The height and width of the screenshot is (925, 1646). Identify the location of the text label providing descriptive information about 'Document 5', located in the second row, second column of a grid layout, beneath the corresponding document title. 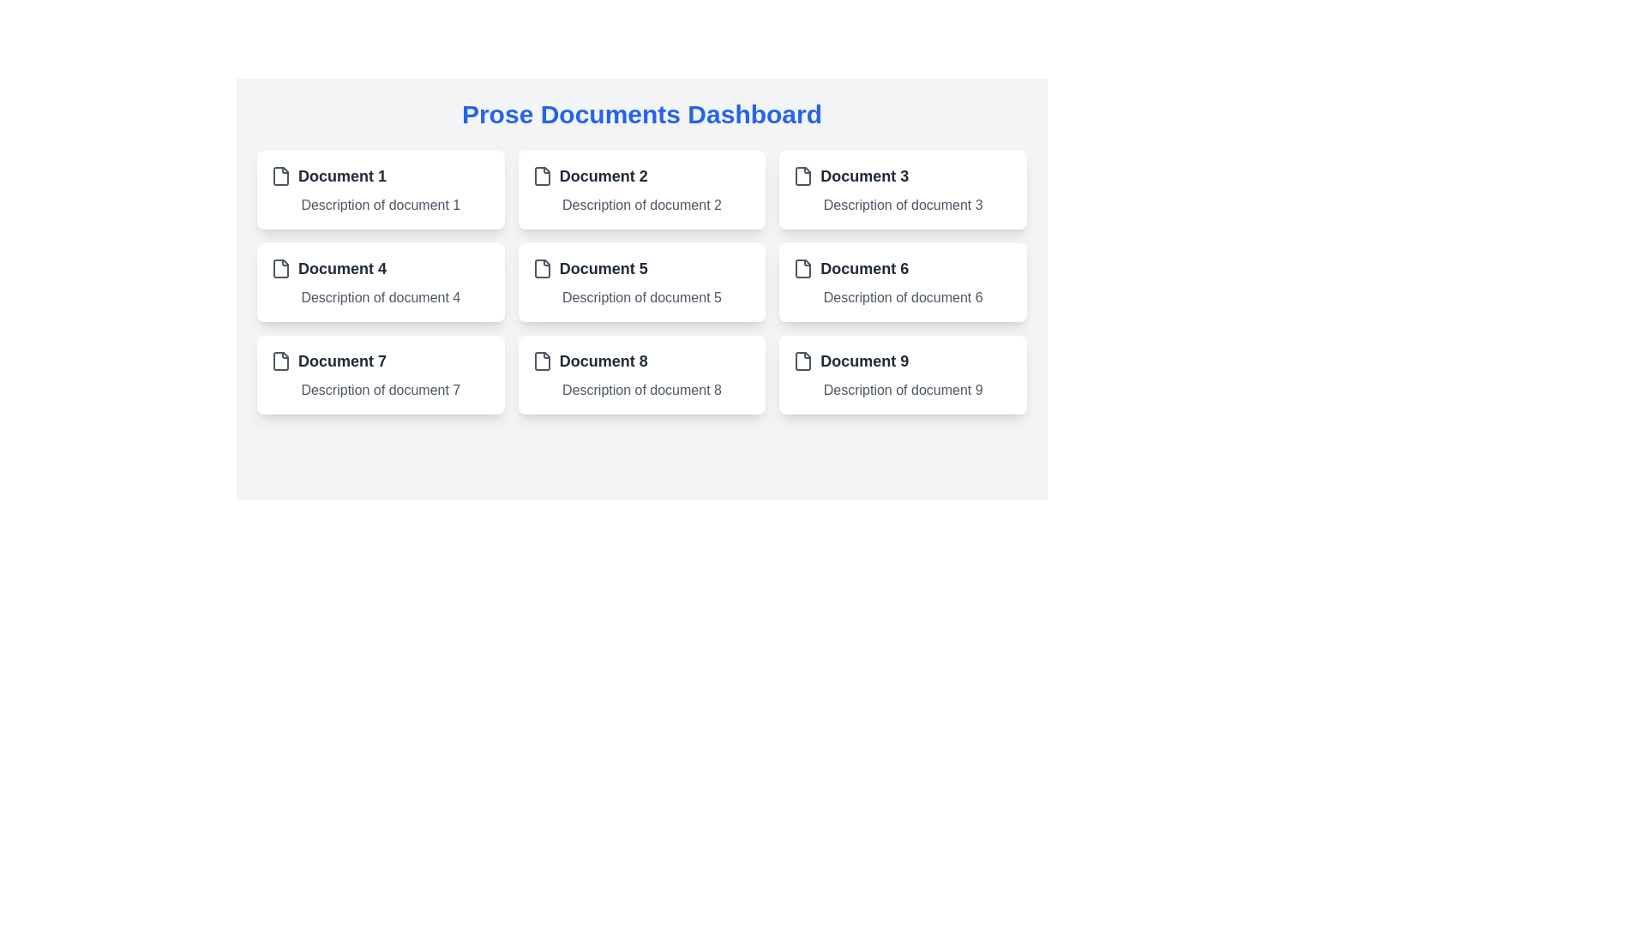
(640, 296).